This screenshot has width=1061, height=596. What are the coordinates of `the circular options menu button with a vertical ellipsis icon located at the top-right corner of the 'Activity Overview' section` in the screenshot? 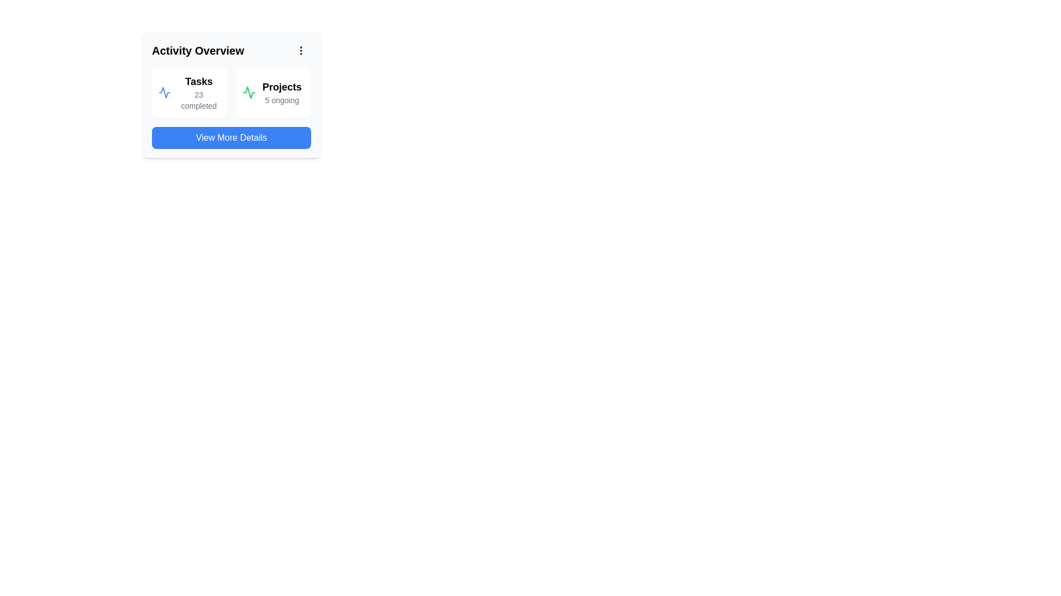 It's located at (301, 51).